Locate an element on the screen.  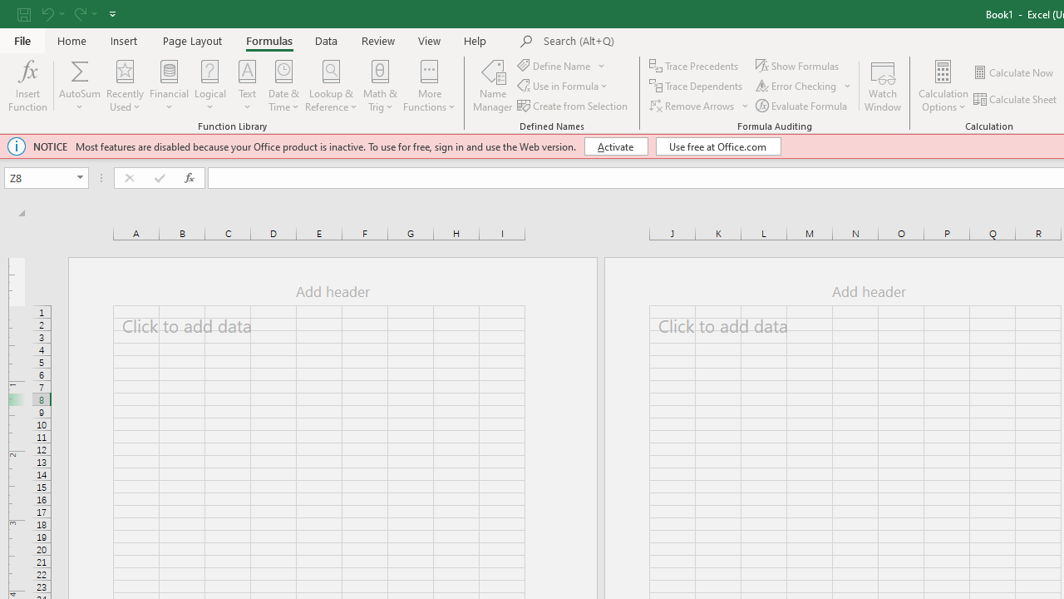
'Activate' is located at coordinates (615, 146).